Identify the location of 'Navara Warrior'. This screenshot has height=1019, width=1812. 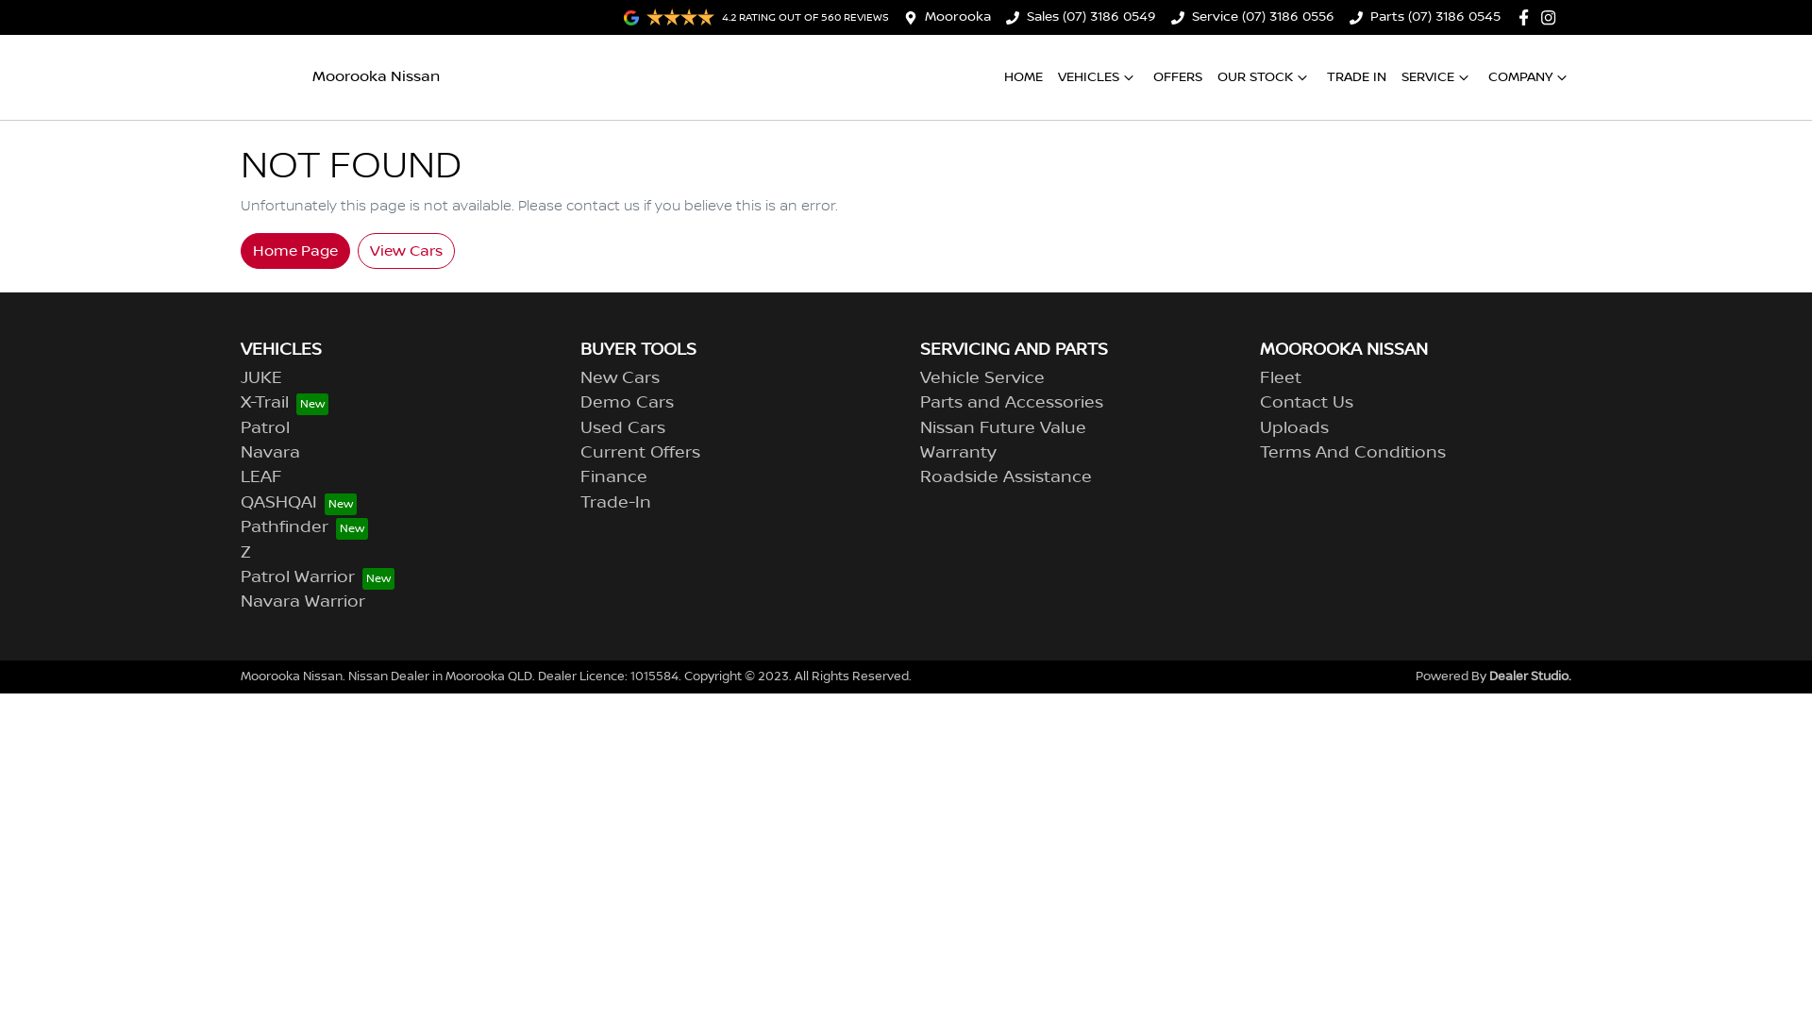
(303, 601).